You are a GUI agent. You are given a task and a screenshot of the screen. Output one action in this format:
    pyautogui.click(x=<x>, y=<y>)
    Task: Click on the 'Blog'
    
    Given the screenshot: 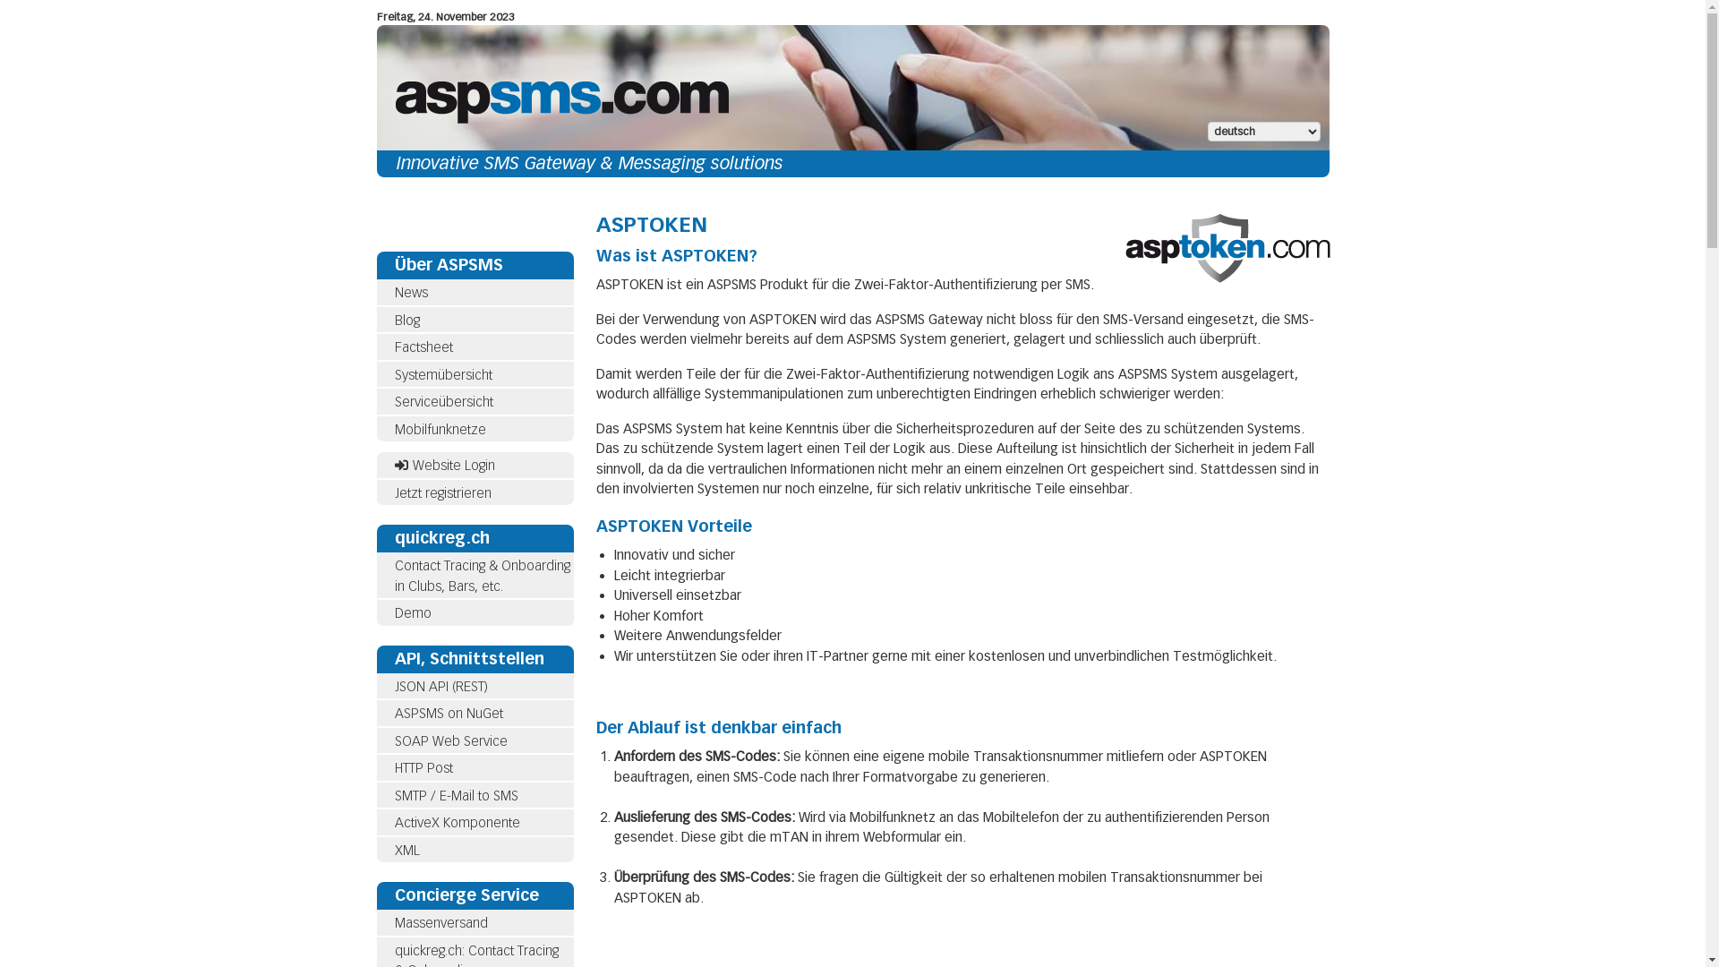 What is the action you would take?
    pyautogui.click(x=393, y=319)
    